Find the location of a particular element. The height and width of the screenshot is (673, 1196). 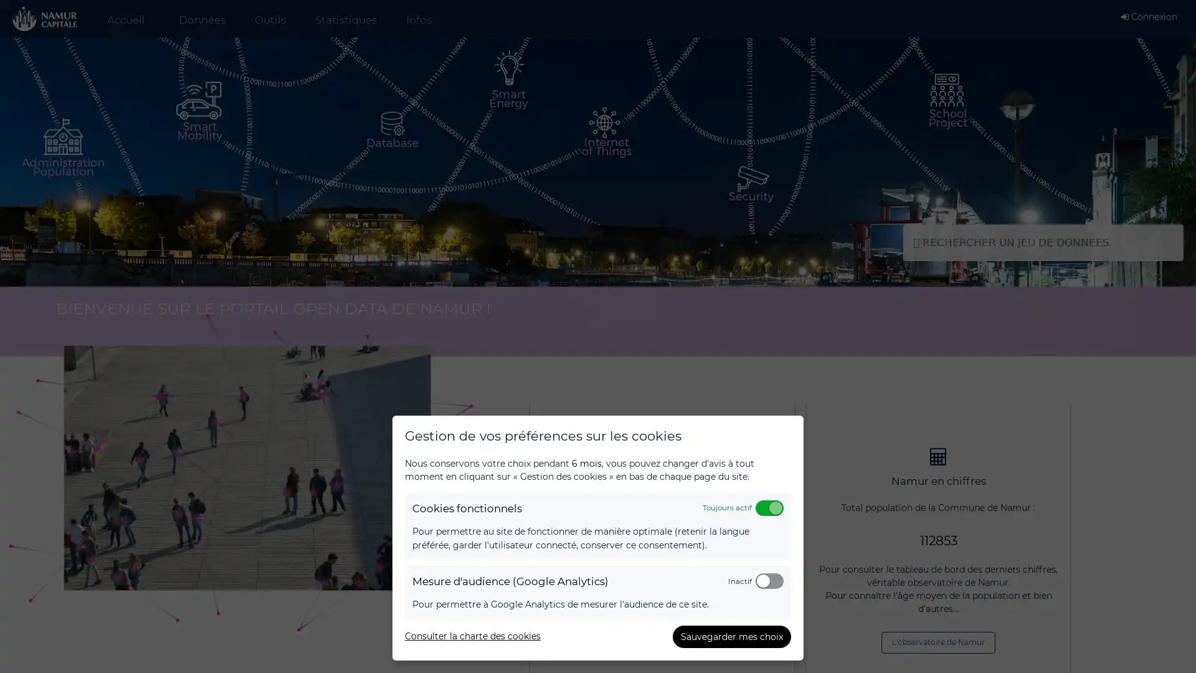

Sauvegarder mes choix is located at coordinates (732, 637).